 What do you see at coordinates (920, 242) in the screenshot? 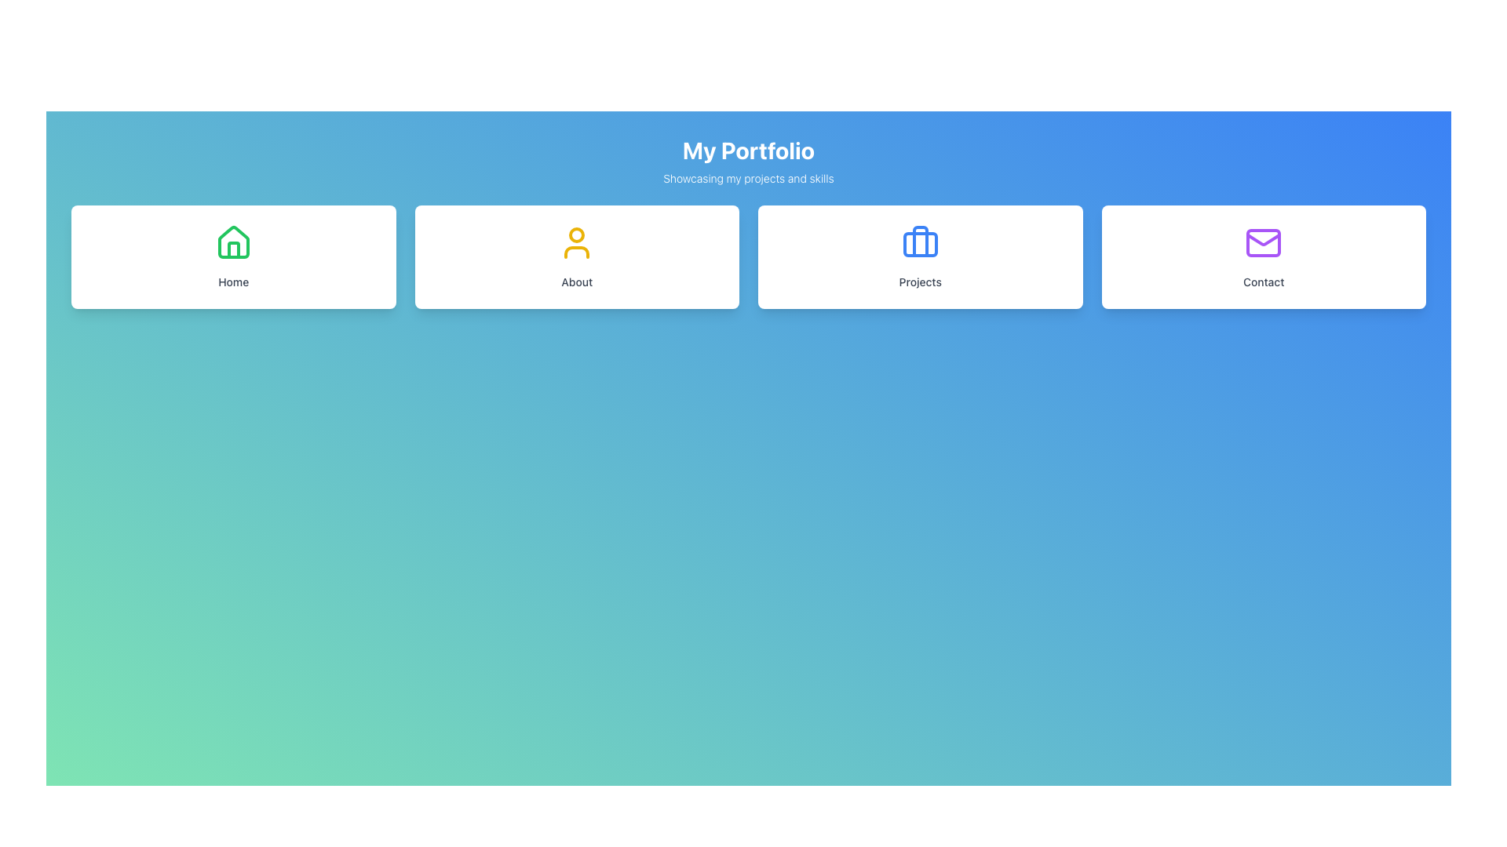
I see `the blue briefcase icon located in the 'Projects' section, which is the third card from the left, centered above the 'Projects' text` at bounding box center [920, 242].